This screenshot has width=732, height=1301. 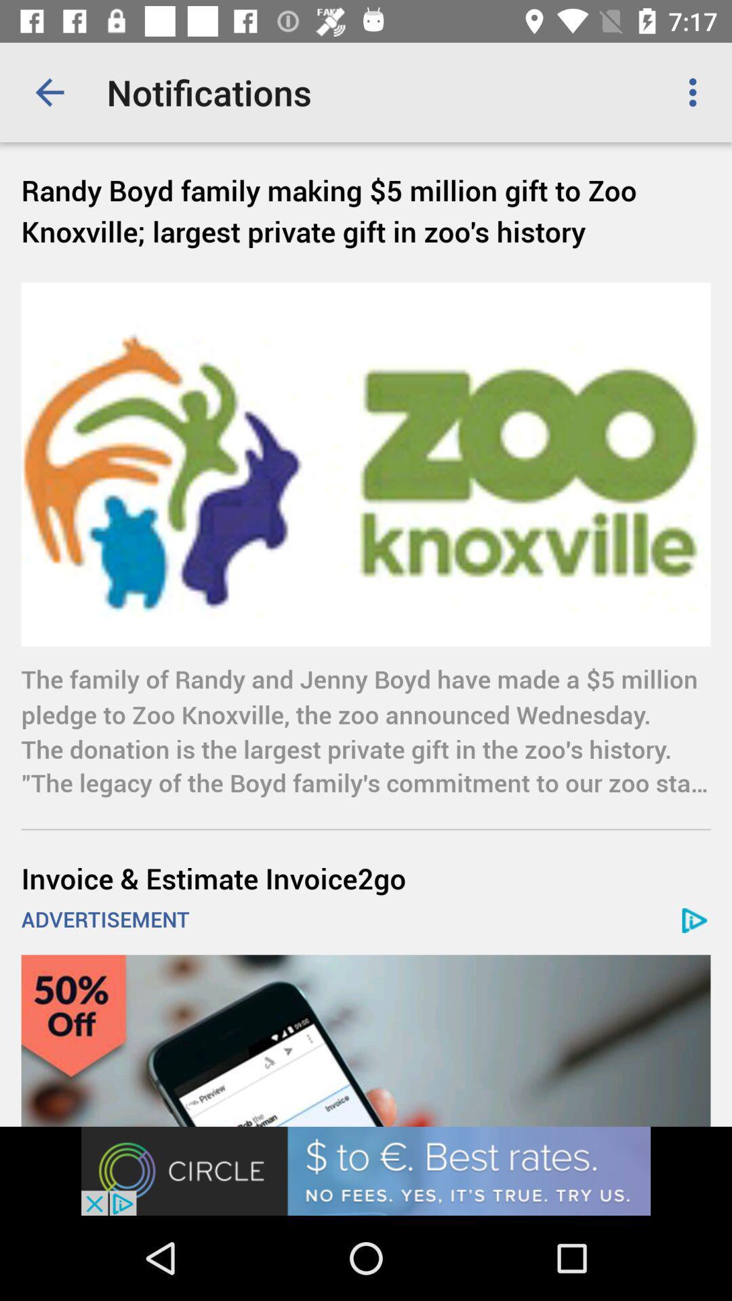 I want to click on open advertisement, so click(x=366, y=1170).